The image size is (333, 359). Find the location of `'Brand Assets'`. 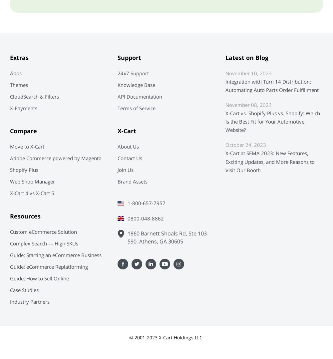

'Brand Assets' is located at coordinates (133, 181).